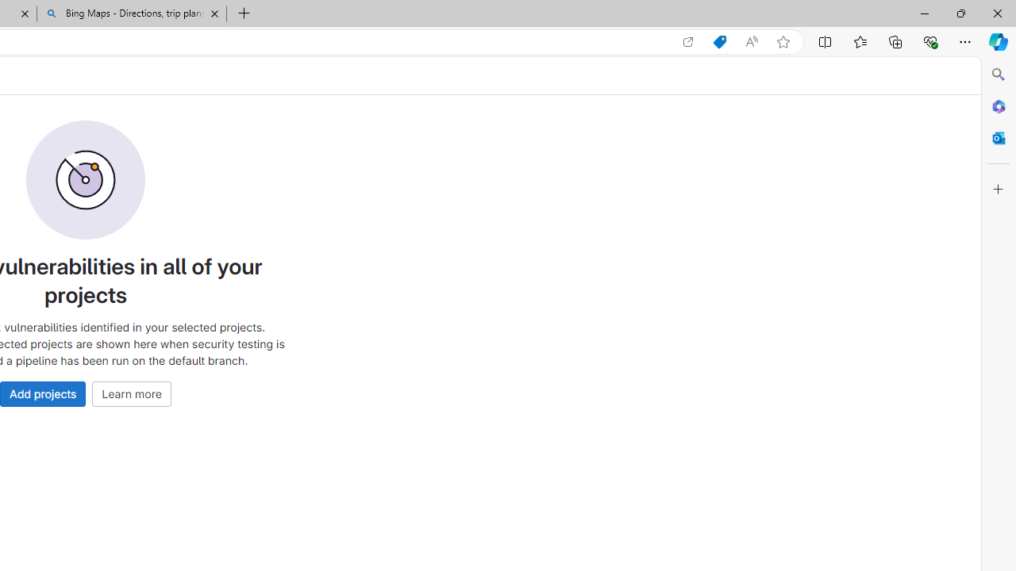 This screenshot has height=571, width=1016. What do you see at coordinates (964, 40) in the screenshot?
I see `'Settings and more (Alt+F)'` at bounding box center [964, 40].